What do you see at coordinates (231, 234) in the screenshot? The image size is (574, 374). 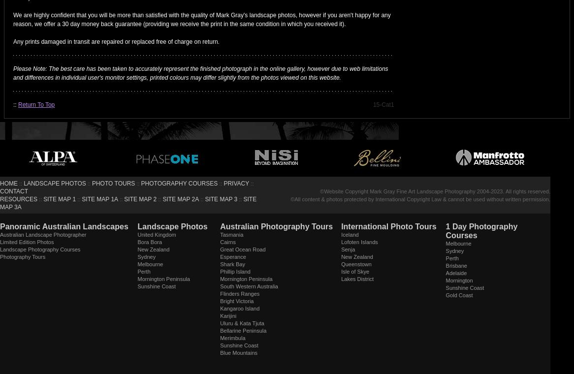 I see `'Tasmania'` at bounding box center [231, 234].